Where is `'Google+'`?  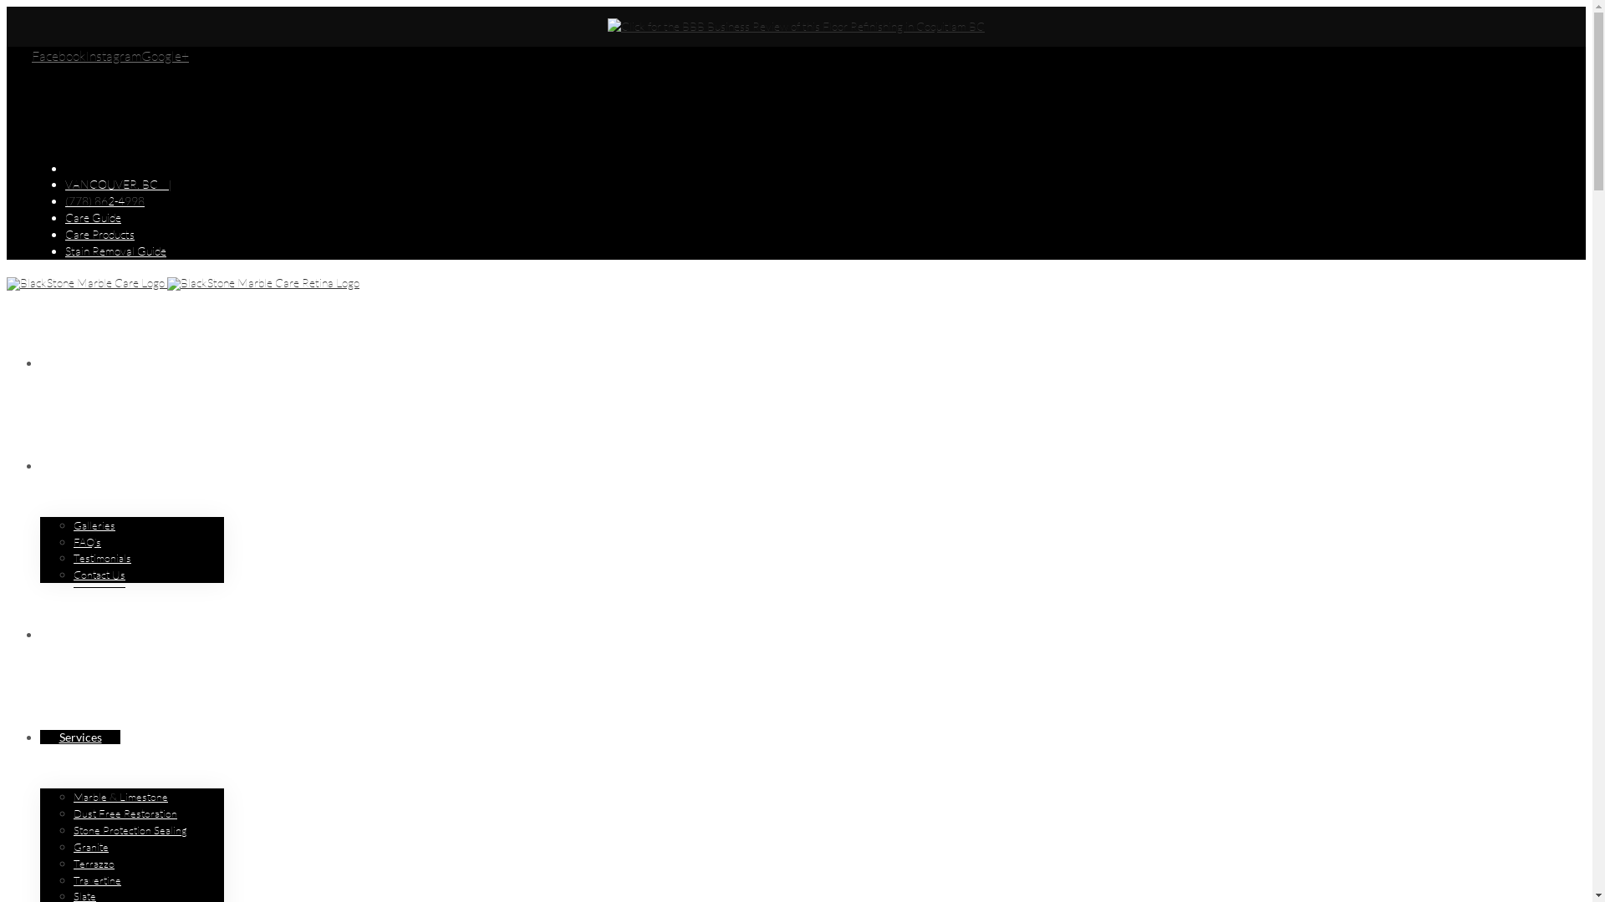 'Google+' is located at coordinates (140, 54).